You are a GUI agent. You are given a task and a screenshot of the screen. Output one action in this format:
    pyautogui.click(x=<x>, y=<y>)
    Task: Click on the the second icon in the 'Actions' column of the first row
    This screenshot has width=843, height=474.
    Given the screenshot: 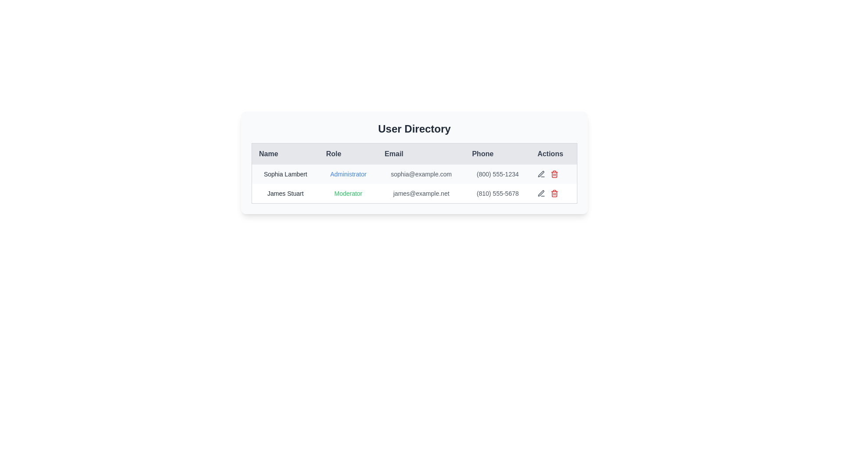 What is the action you would take?
    pyautogui.click(x=553, y=174)
    